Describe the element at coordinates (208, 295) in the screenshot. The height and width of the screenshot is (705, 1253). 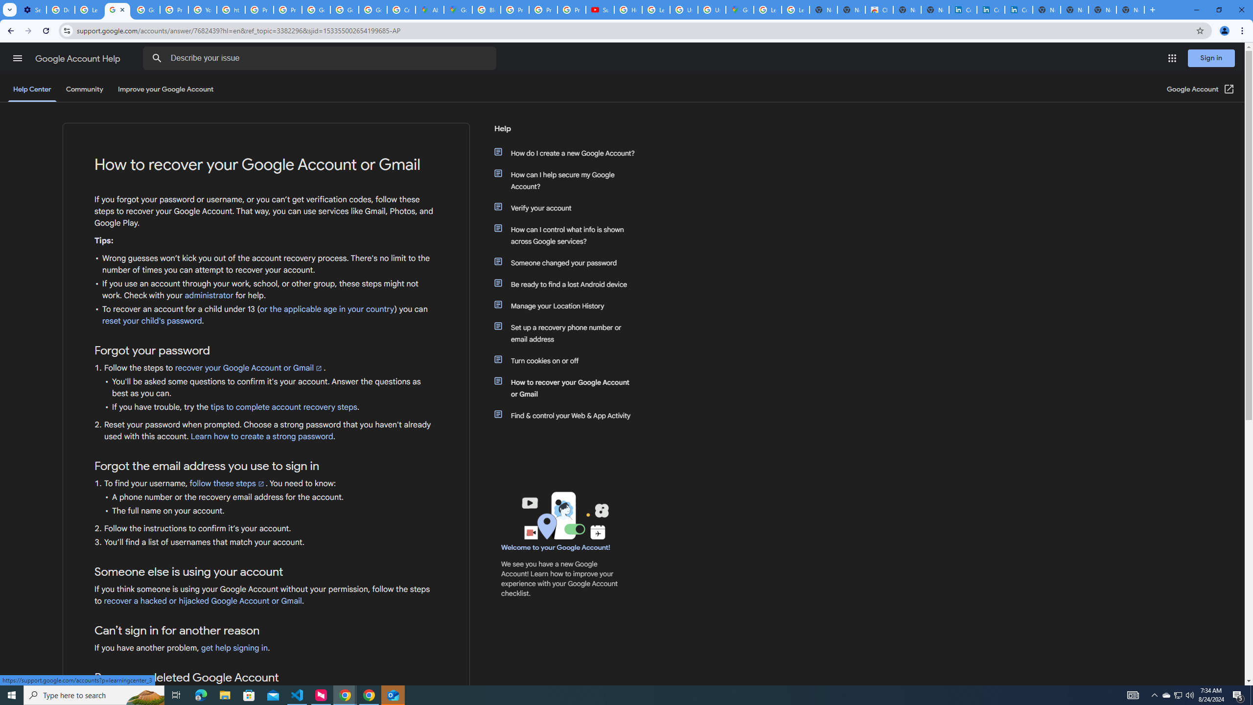
I see `'administrator'` at that location.